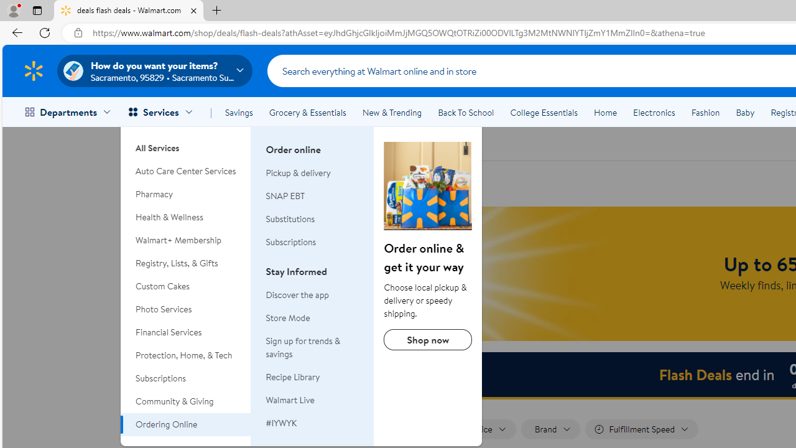 This screenshot has width=796, height=448. What do you see at coordinates (303, 347) in the screenshot?
I see `'Sign up for trends & savings'` at bounding box center [303, 347].